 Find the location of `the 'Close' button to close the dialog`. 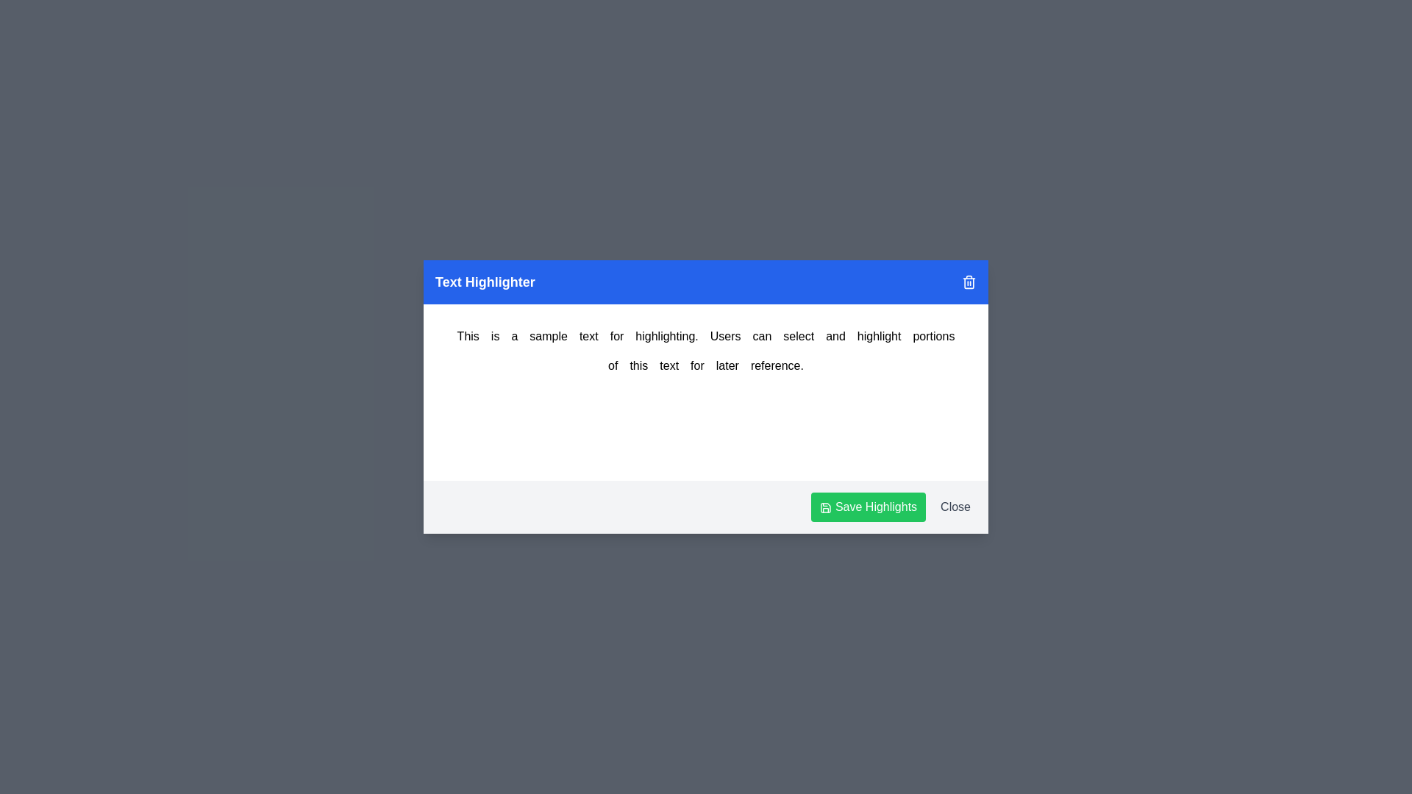

the 'Close' button to close the dialog is located at coordinates (955, 507).